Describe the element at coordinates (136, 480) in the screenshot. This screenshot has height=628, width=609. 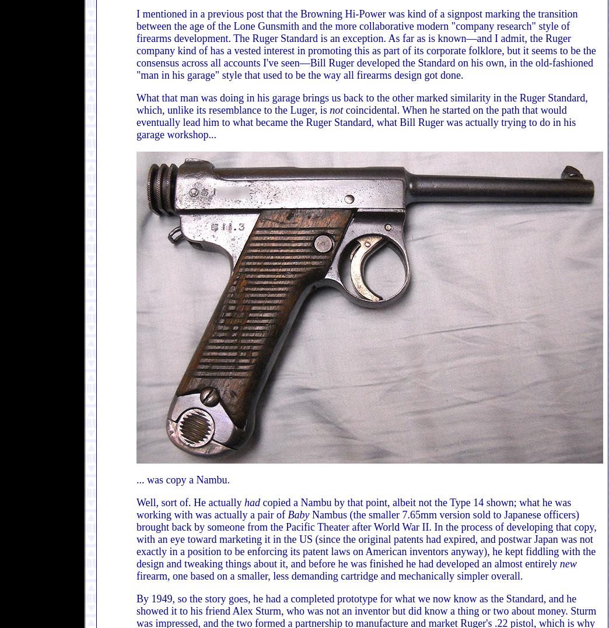
I see `'... was copy a Nambu.'` at that location.